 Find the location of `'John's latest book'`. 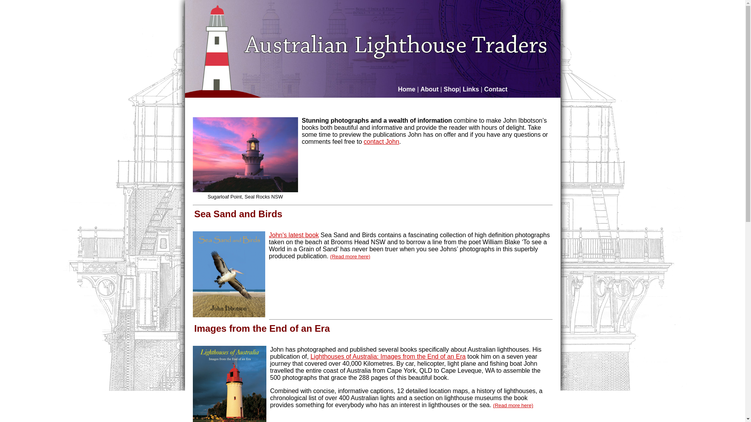

'John's latest book' is located at coordinates (294, 234).